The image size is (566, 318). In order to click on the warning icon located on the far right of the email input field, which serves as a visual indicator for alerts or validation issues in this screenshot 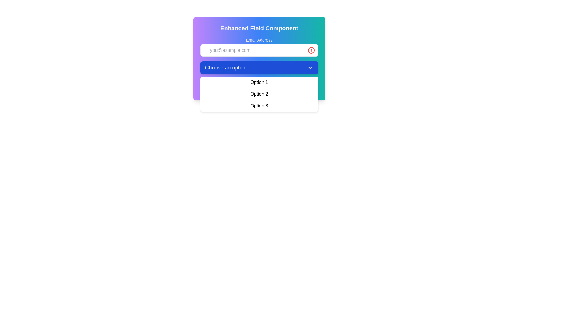, I will do `click(311, 50)`.